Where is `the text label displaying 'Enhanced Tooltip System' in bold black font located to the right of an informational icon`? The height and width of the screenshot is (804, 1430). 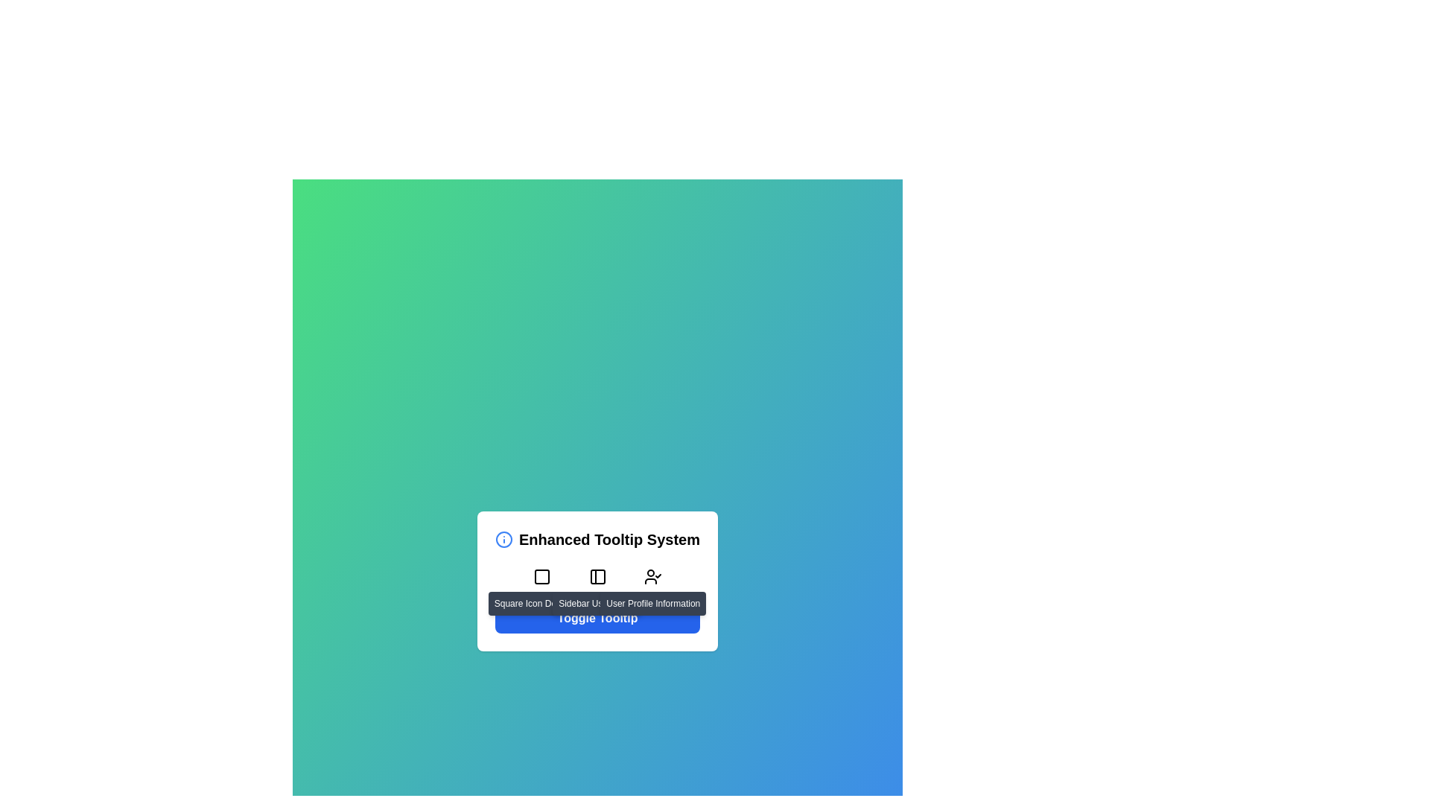 the text label displaying 'Enhanced Tooltip System' in bold black font located to the right of an informational icon is located at coordinates (609, 540).